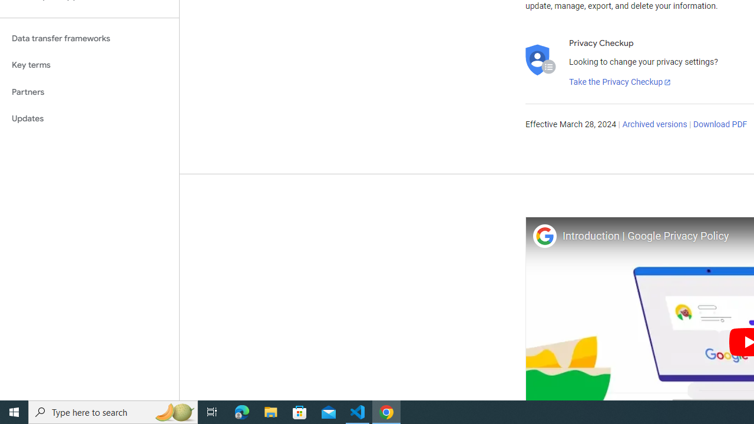 The height and width of the screenshot is (424, 754). Describe the element at coordinates (544, 236) in the screenshot. I see `'Photo image of Google'` at that location.